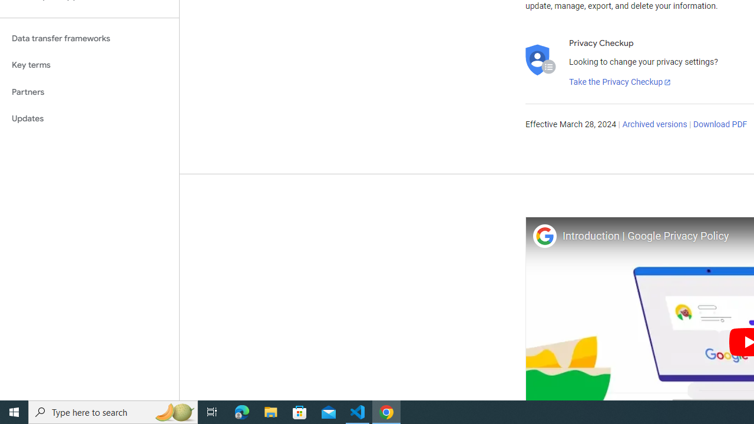 The height and width of the screenshot is (424, 754). Describe the element at coordinates (544, 236) in the screenshot. I see `'Photo image of Google'` at that location.